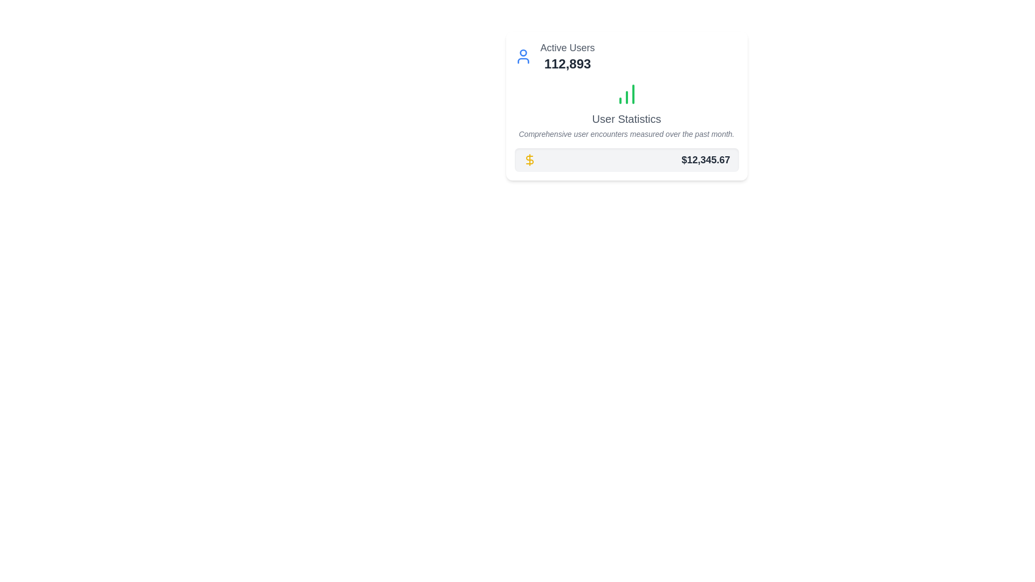 The width and height of the screenshot is (1035, 582). Describe the element at coordinates (626, 93) in the screenshot. I see `the statistical data icon located at the top-central position within the 'User Statistics' card, which is above the text 'User Statistics' and below the user count details` at that location.